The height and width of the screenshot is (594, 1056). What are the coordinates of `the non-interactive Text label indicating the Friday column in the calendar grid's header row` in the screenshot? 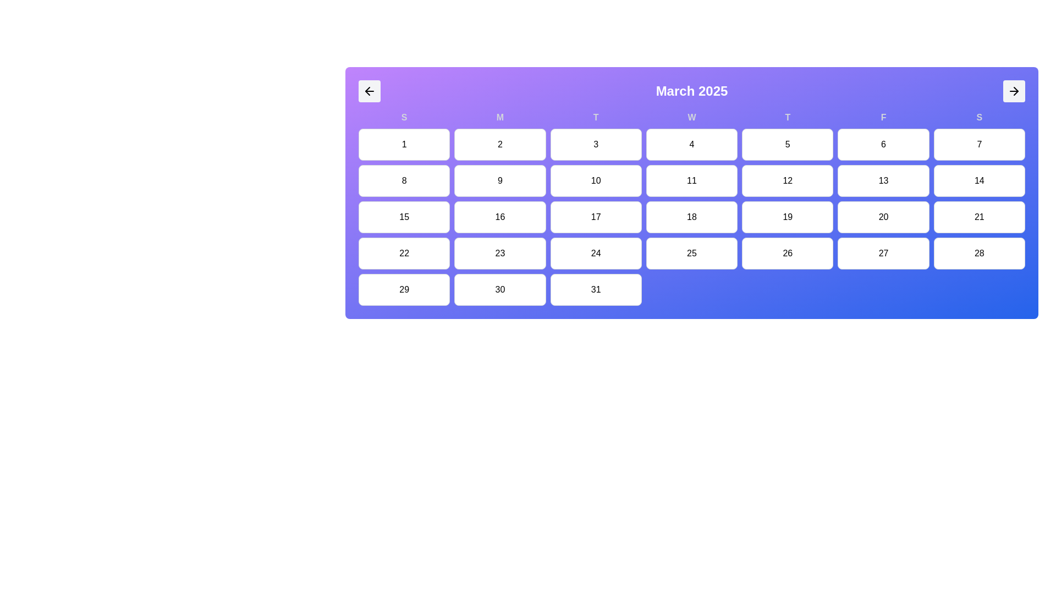 It's located at (883, 117).